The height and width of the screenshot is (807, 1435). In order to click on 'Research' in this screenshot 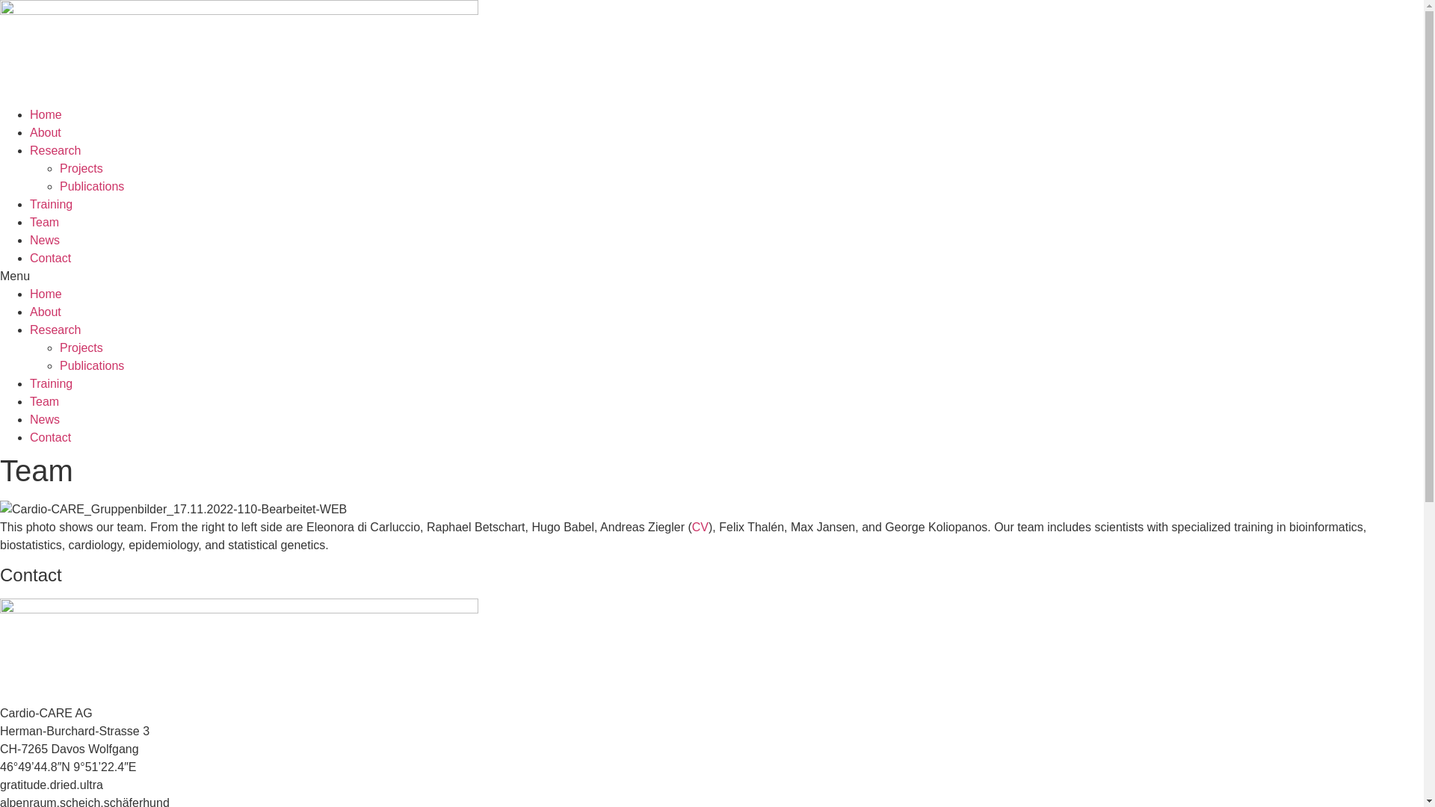, I will do `click(55, 329)`.